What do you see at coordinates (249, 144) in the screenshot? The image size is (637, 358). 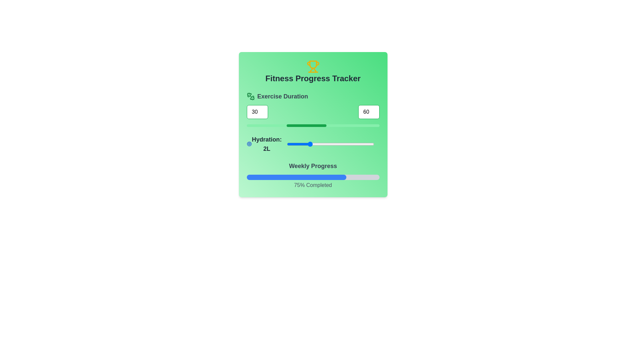 I see `the blue circular target icon with concentric circles located to the left of the 'Hydration: 2L' label in the 'Fitness Progress Tracker' section` at bounding box center [249, 144].